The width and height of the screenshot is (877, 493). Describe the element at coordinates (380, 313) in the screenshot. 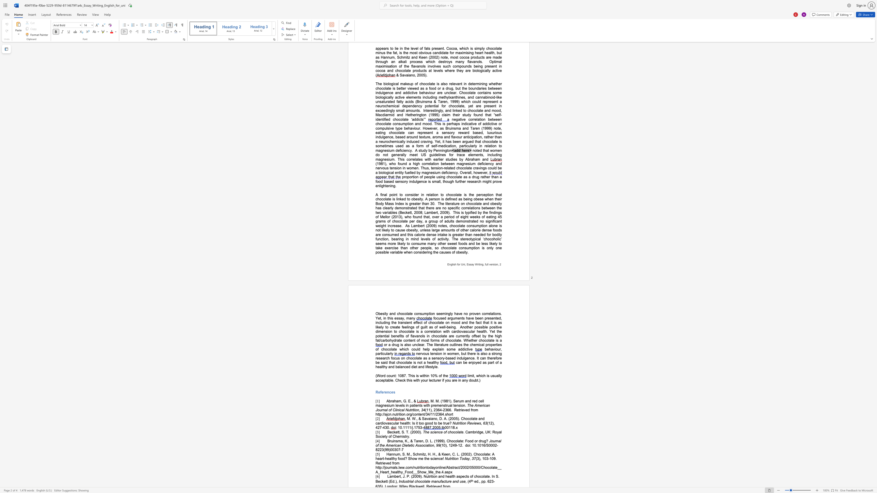

I see `the subset text "esity and chocolate consump" within the text "Obesity and chocolate consumption"` at that location.